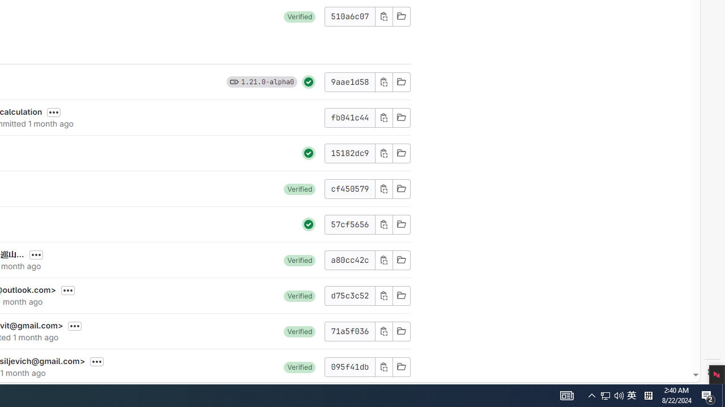 This screenshot has width=725, height=407. I want to click on '1.21.0-alpha0', so click(267, 81).